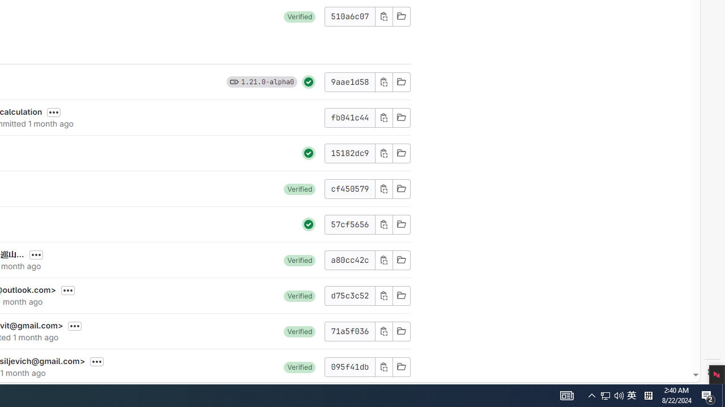 This screenshot has width=725, height=407. I want to click on '1.21.0-alpha0', so click(267, 81).